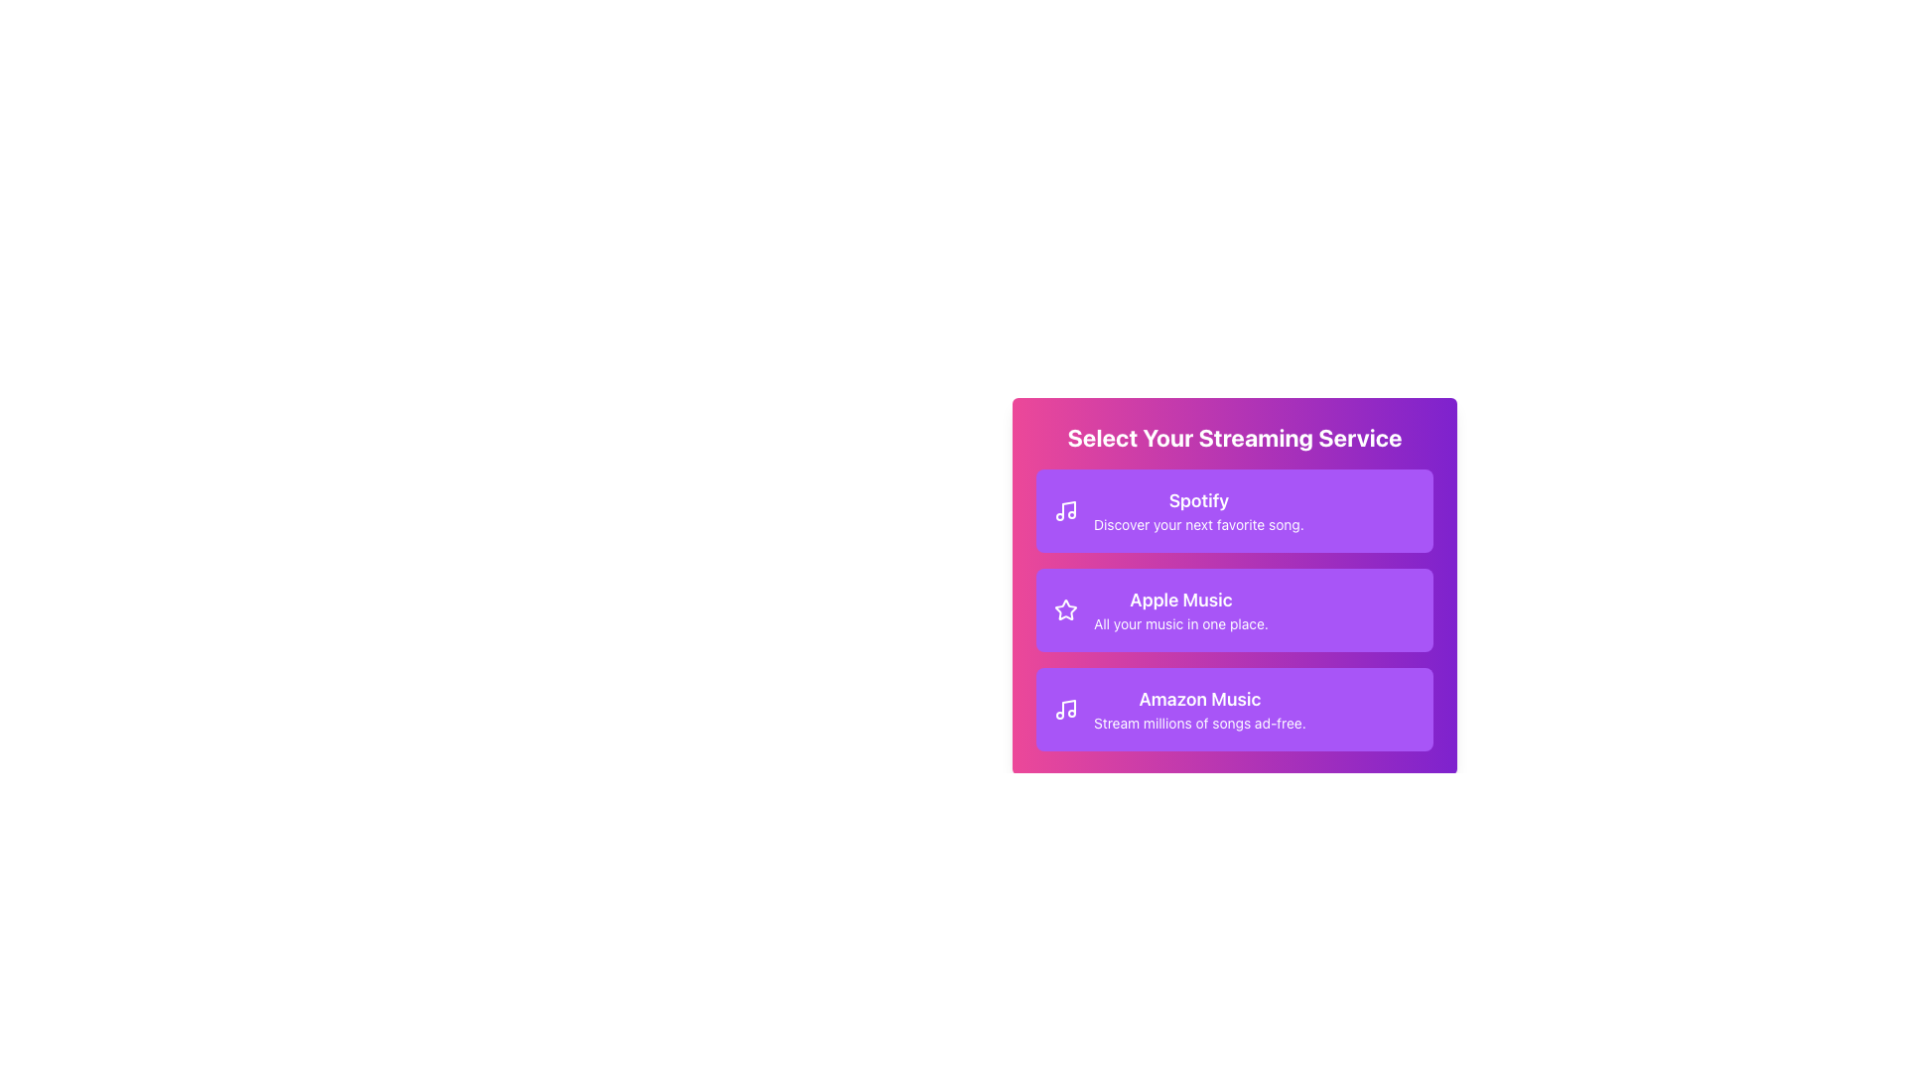  I want to click on the text label reading 'Amazon Music', which is styled in bold white font within a purple rectangular area in the third selectable option of the 'Select Your Streaming Service' list, so click(1198, 699).